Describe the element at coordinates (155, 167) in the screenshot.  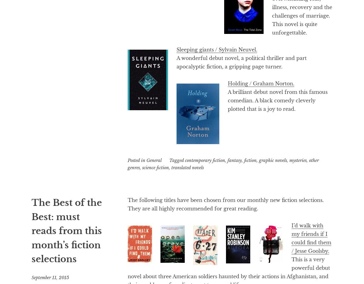
I see `'science fiction'` at that location.